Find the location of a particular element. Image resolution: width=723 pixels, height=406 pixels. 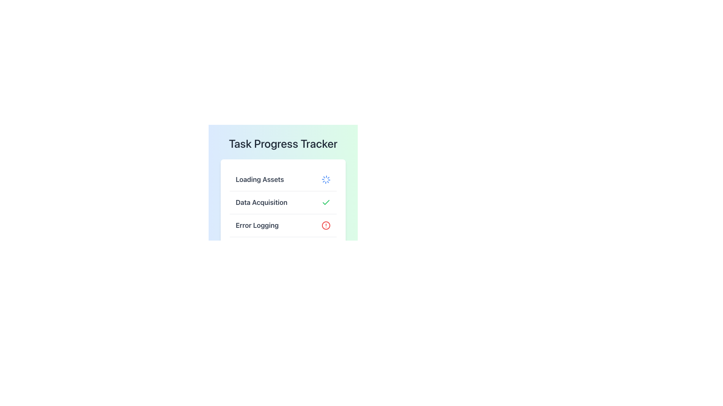

text content of the loading state label for the 'Assets' task in the progress tracker interface, which is the first entry in a vertically arranged list of task entries is located at coordinates (260, 180).